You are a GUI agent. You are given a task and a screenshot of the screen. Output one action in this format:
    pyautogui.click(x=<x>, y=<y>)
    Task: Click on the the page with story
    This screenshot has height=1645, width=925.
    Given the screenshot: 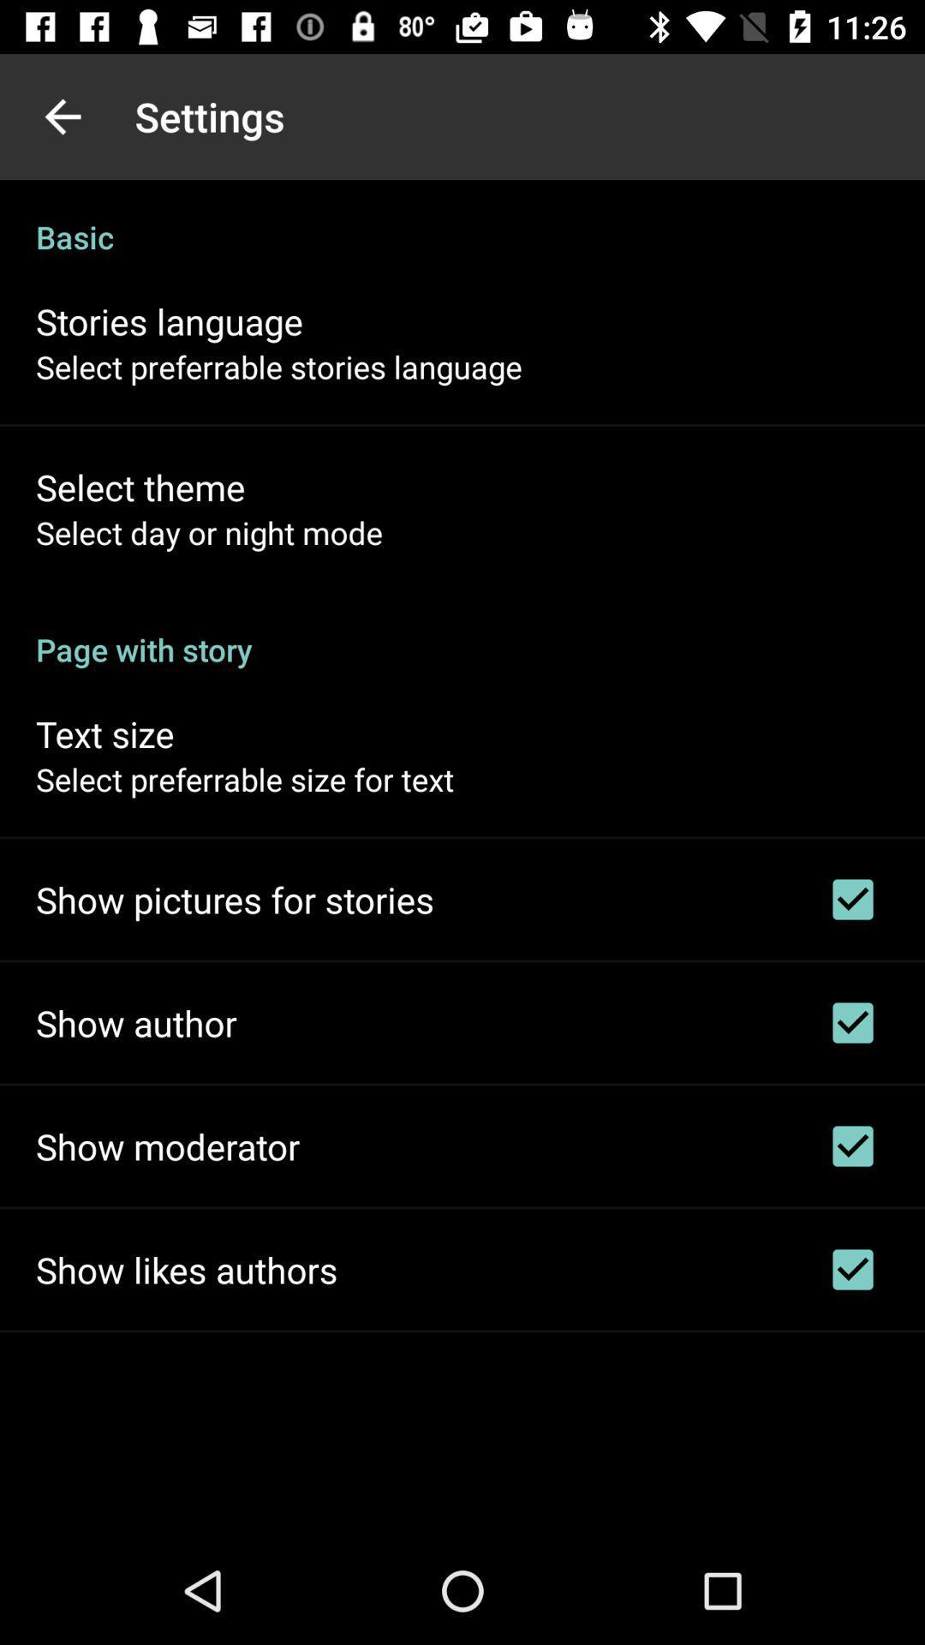 What is the action you would take?
    pyautogui.click(x=462, y=631)
    